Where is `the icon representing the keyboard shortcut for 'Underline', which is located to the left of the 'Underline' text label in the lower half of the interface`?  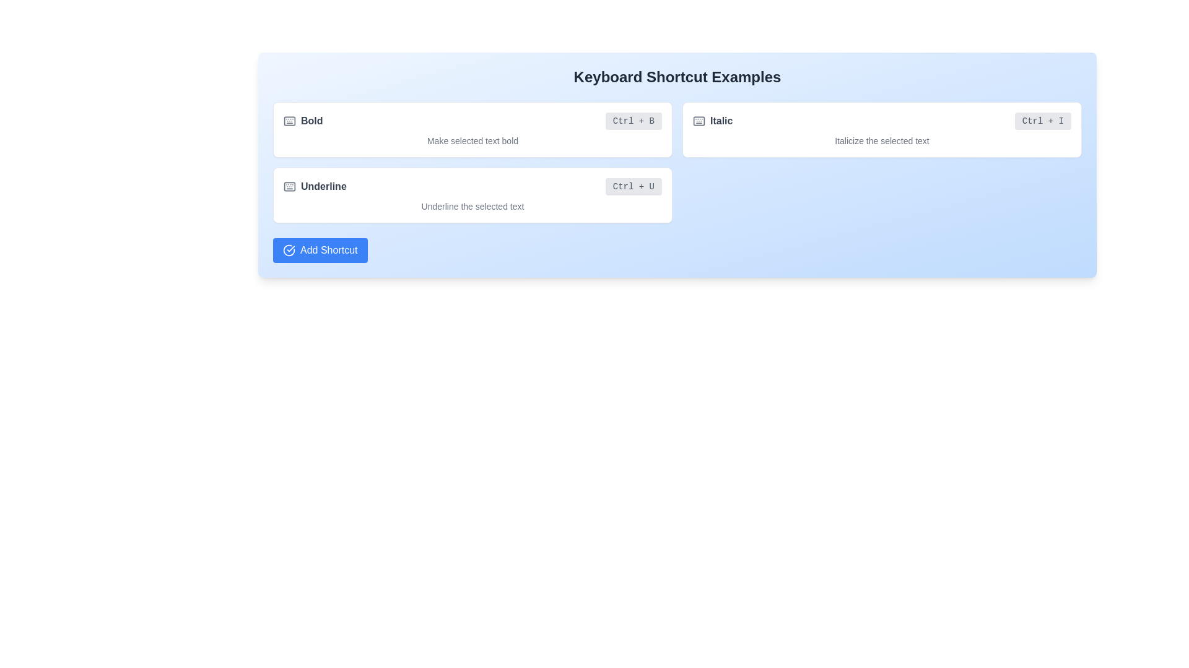
the icon representing the keyboard shortcut for 'Underline', which is located to the left of the 'Underline' text label in the lower half of the interface is located at coordinates (289, 186).